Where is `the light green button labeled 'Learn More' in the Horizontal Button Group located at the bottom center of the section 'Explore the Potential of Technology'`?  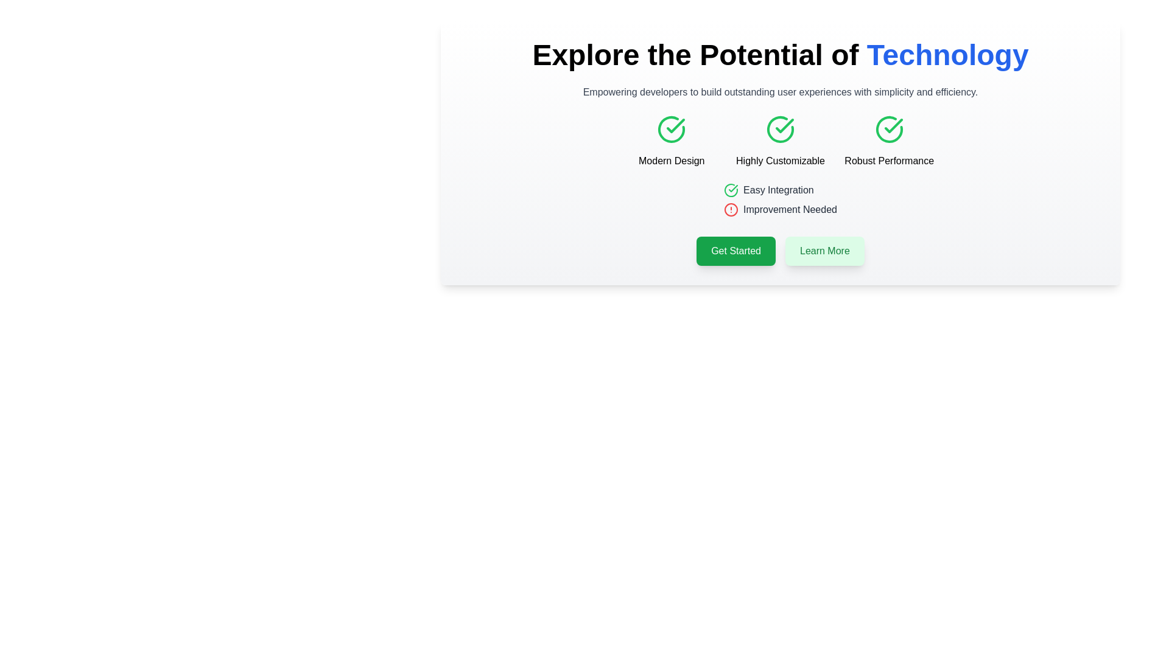
the light green button labeled 'Learn More' in the Horizontal Button Group located at the bottom center of the section 'Explore the Potential of Technology' is located at coordinates (780, 250).